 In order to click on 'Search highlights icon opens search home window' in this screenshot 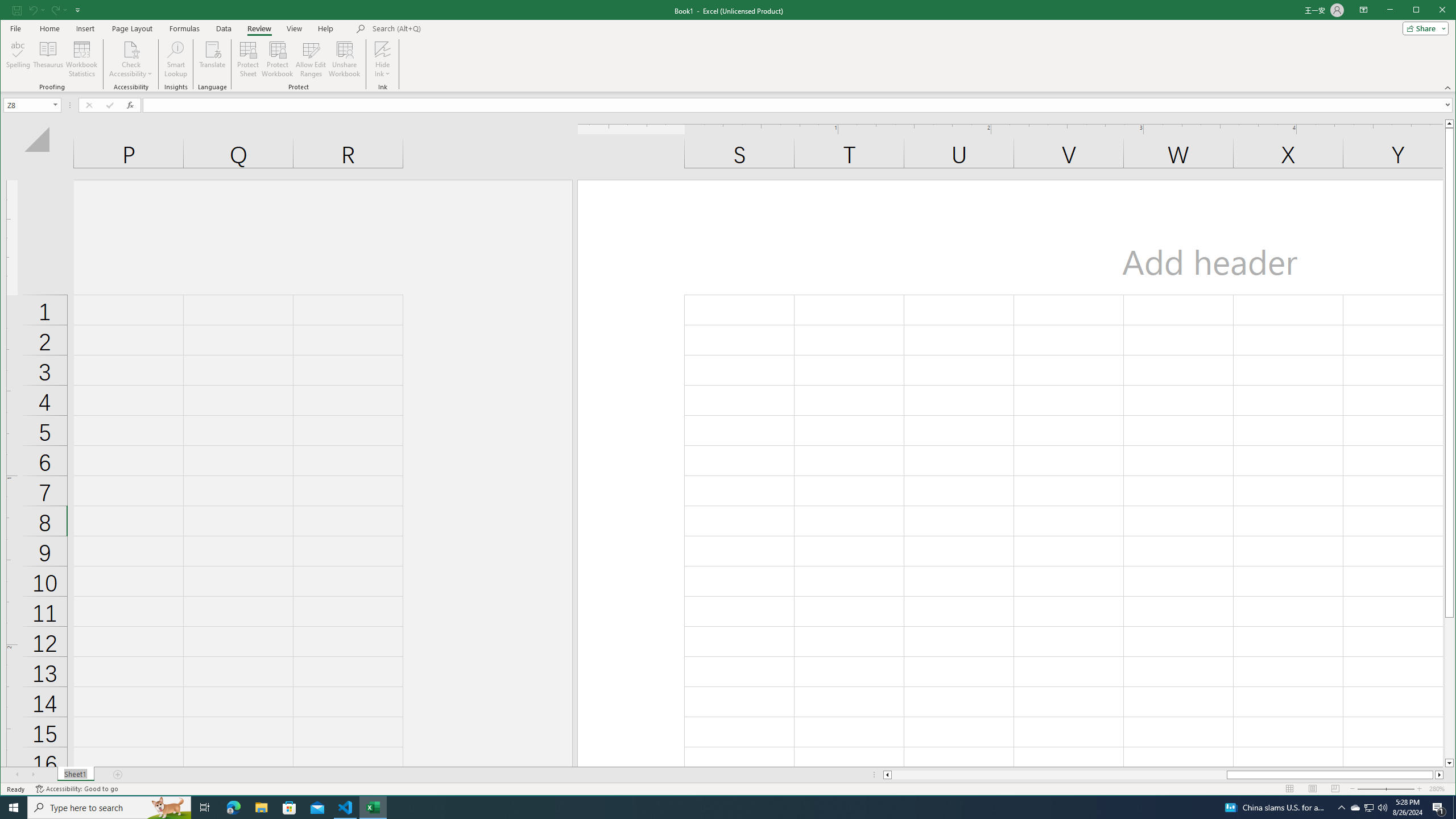, I will do `click(167, 806)`.